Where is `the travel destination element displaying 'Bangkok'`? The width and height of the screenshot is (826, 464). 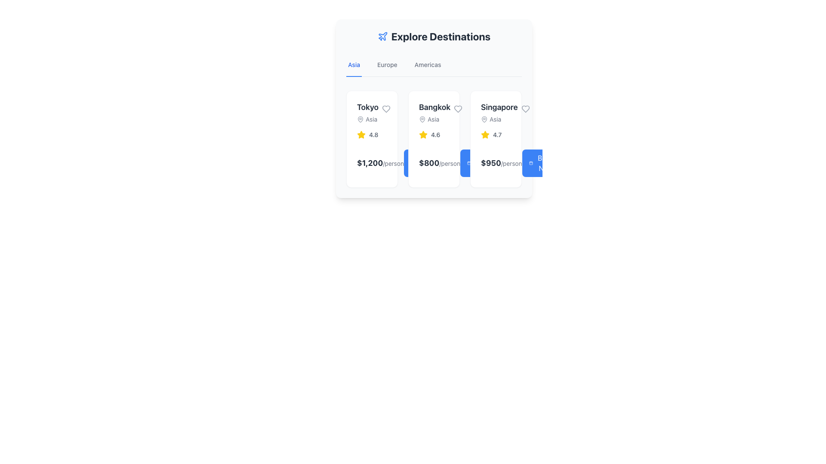
the travel destination element displaying 'Bangkok' is located at coordinates (434, 112).